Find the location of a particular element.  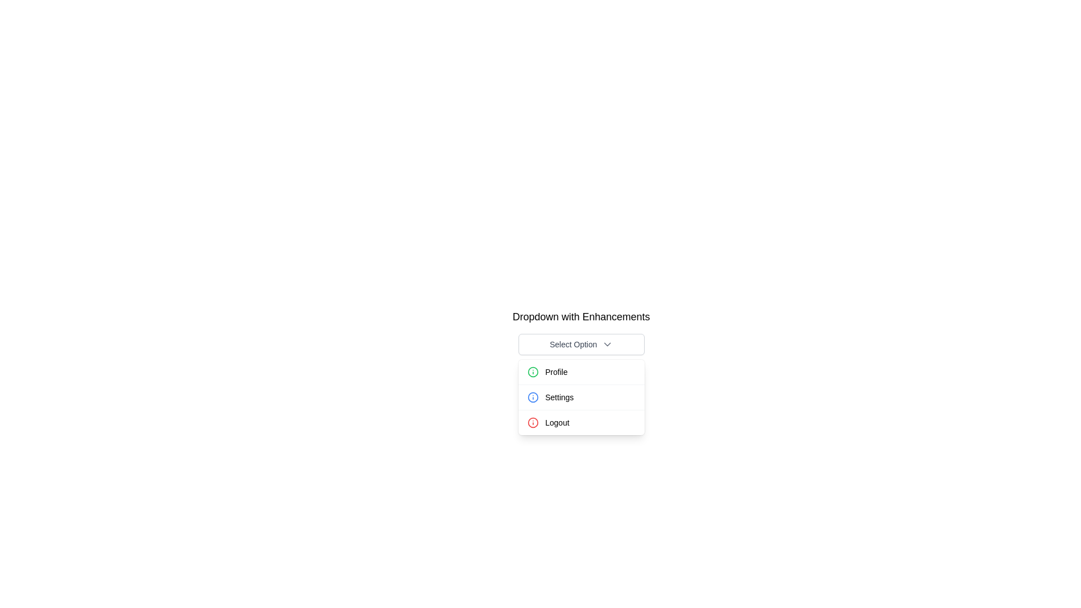

the green circular icon with a white outline, resembling a stylized 'i', located on the left side of the 'Profile' dropdown menu is located at coordinates (532, 372).